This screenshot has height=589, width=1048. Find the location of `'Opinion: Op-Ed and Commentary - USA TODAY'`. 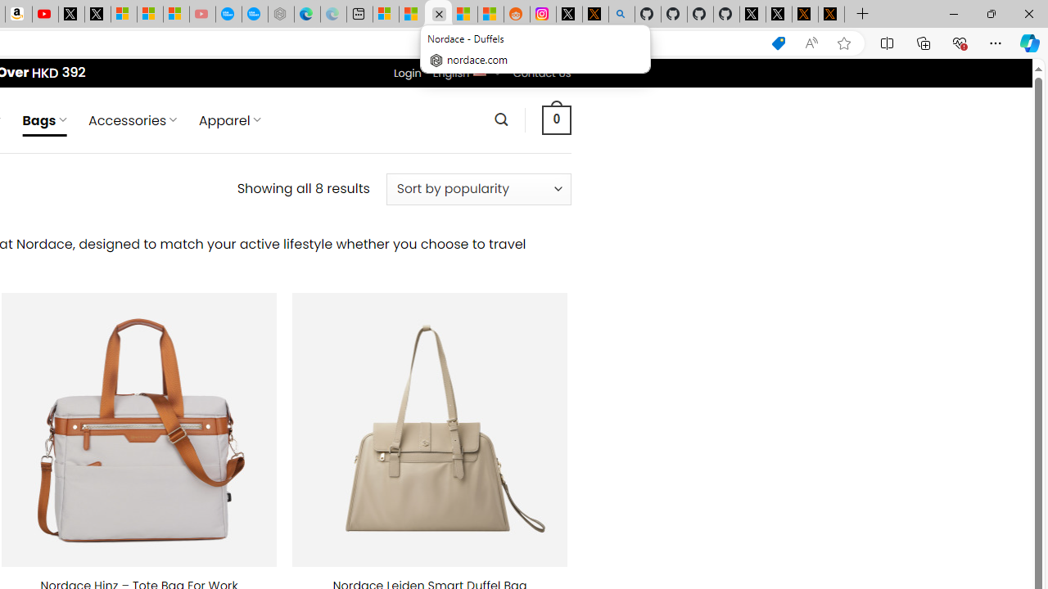

'Opinion: Op-Ed and Commentary - USA TODAY' is located at coordinates (228, 14).